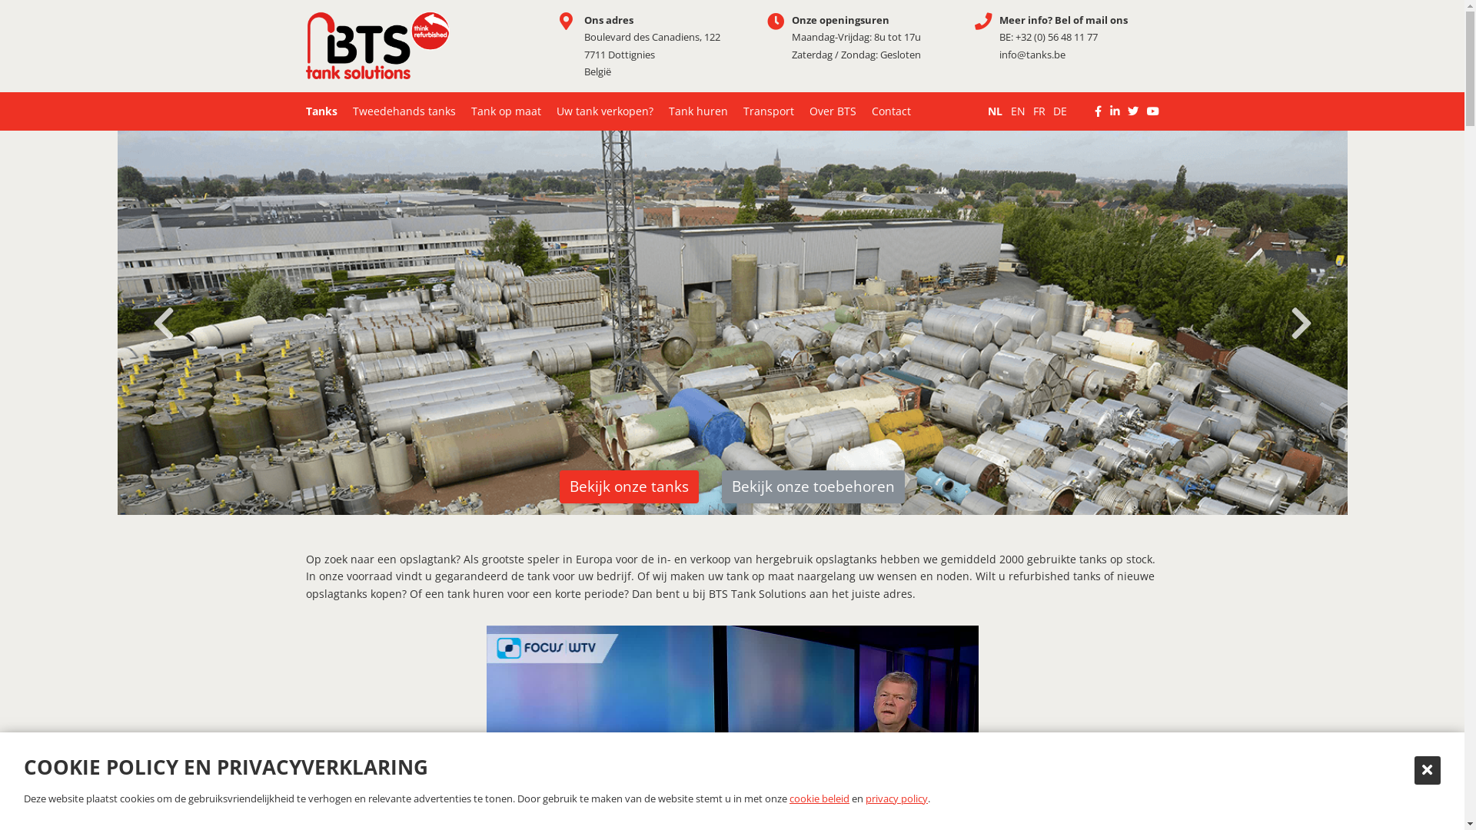 The image size is (1476, 830). What do you see at coordinates (604, 111) in the screenshot?
I see `'Uw tank verkopen?'` at bounding box center [604, 111].